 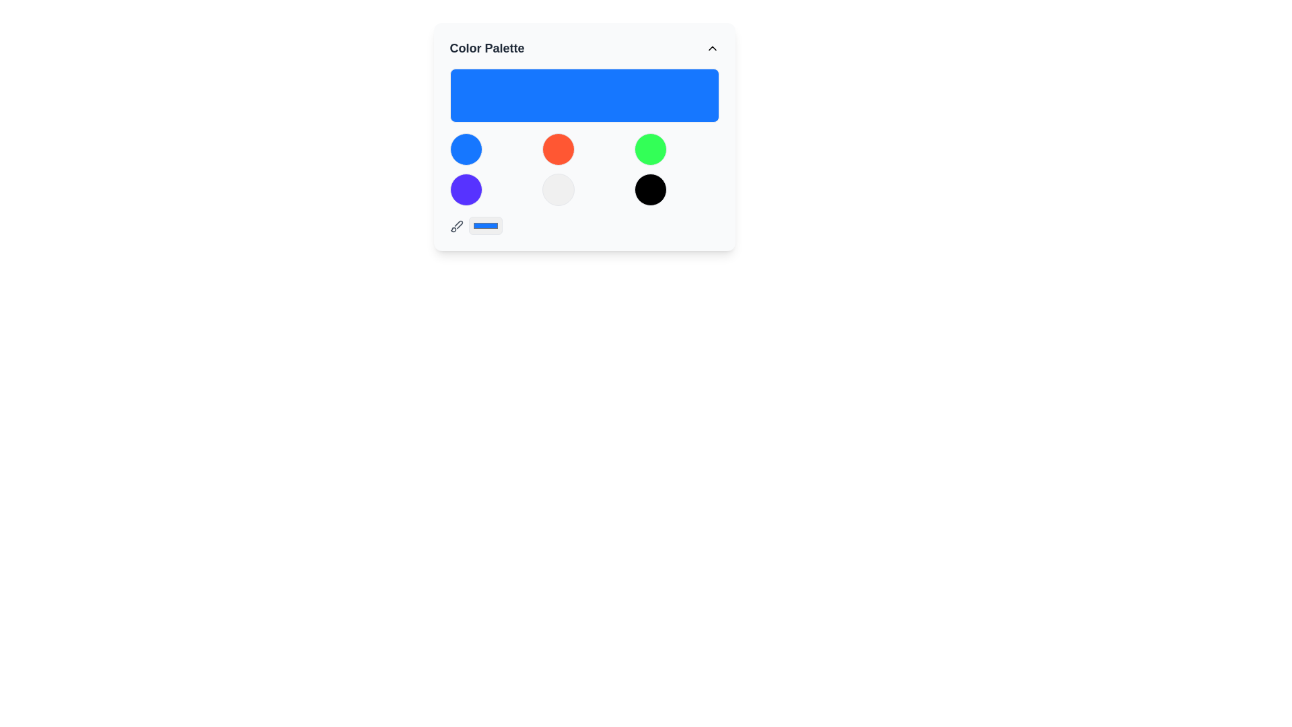 What do you see at coordinates (651, 149) in the screenshot?
I see `the circular green button with a black outline located in the top row, third column of the grid` at bounding box center [651, 149].